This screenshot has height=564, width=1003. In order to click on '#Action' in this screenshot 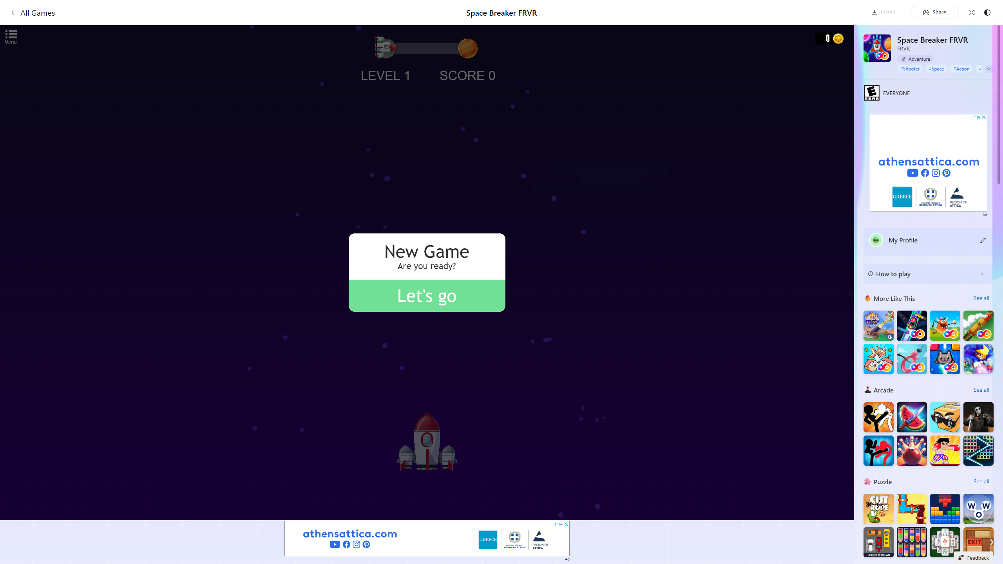, I will do `click(961, 68)`.